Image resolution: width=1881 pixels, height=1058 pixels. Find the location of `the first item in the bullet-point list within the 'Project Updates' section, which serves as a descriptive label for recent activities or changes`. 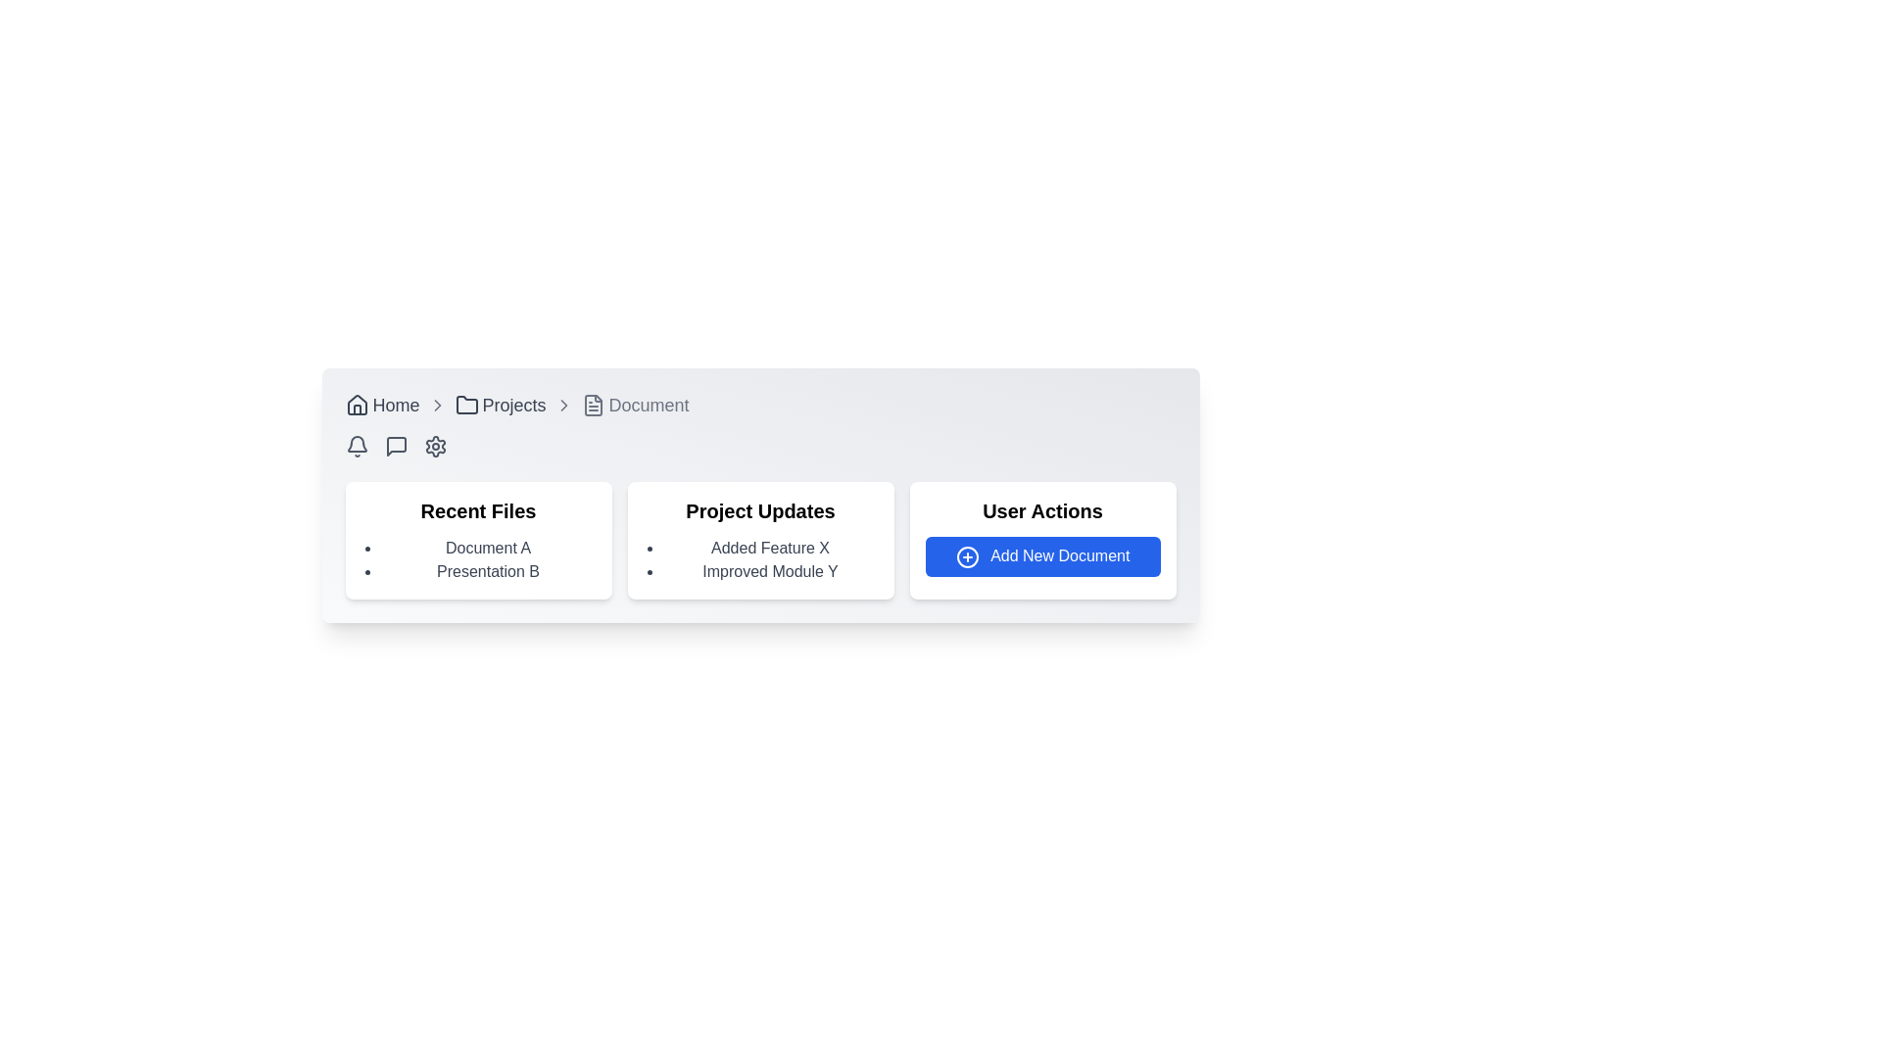

the first item in the bullet-point list within the 'Project Updates' section, which serves as a descriptive label for recent activities or changes is located at coordinates (769, 548).